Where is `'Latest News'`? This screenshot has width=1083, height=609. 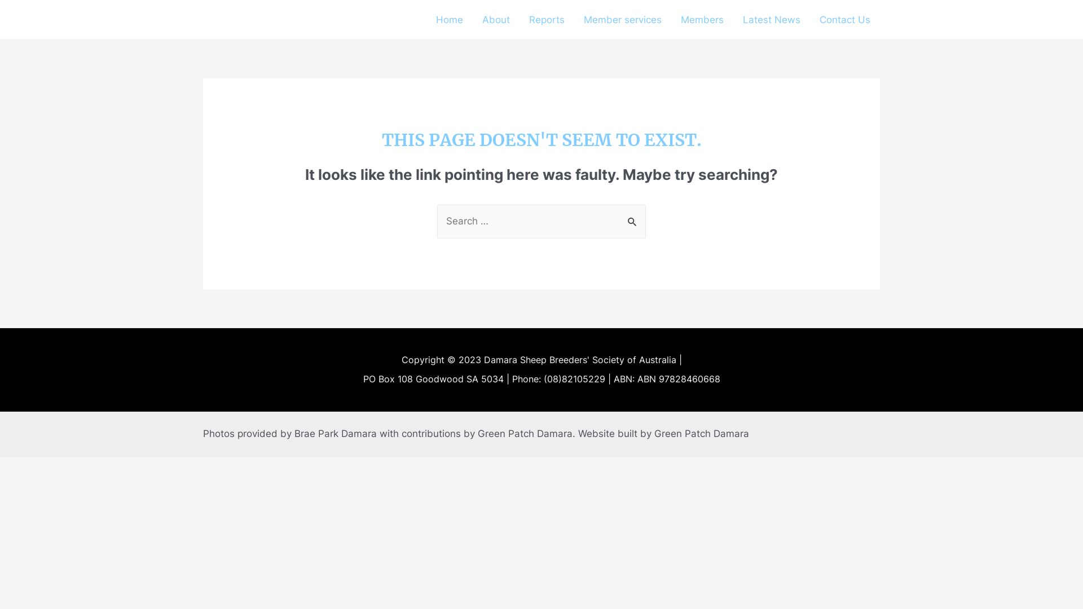 'Latest News' is located at coordinates (771, 19).